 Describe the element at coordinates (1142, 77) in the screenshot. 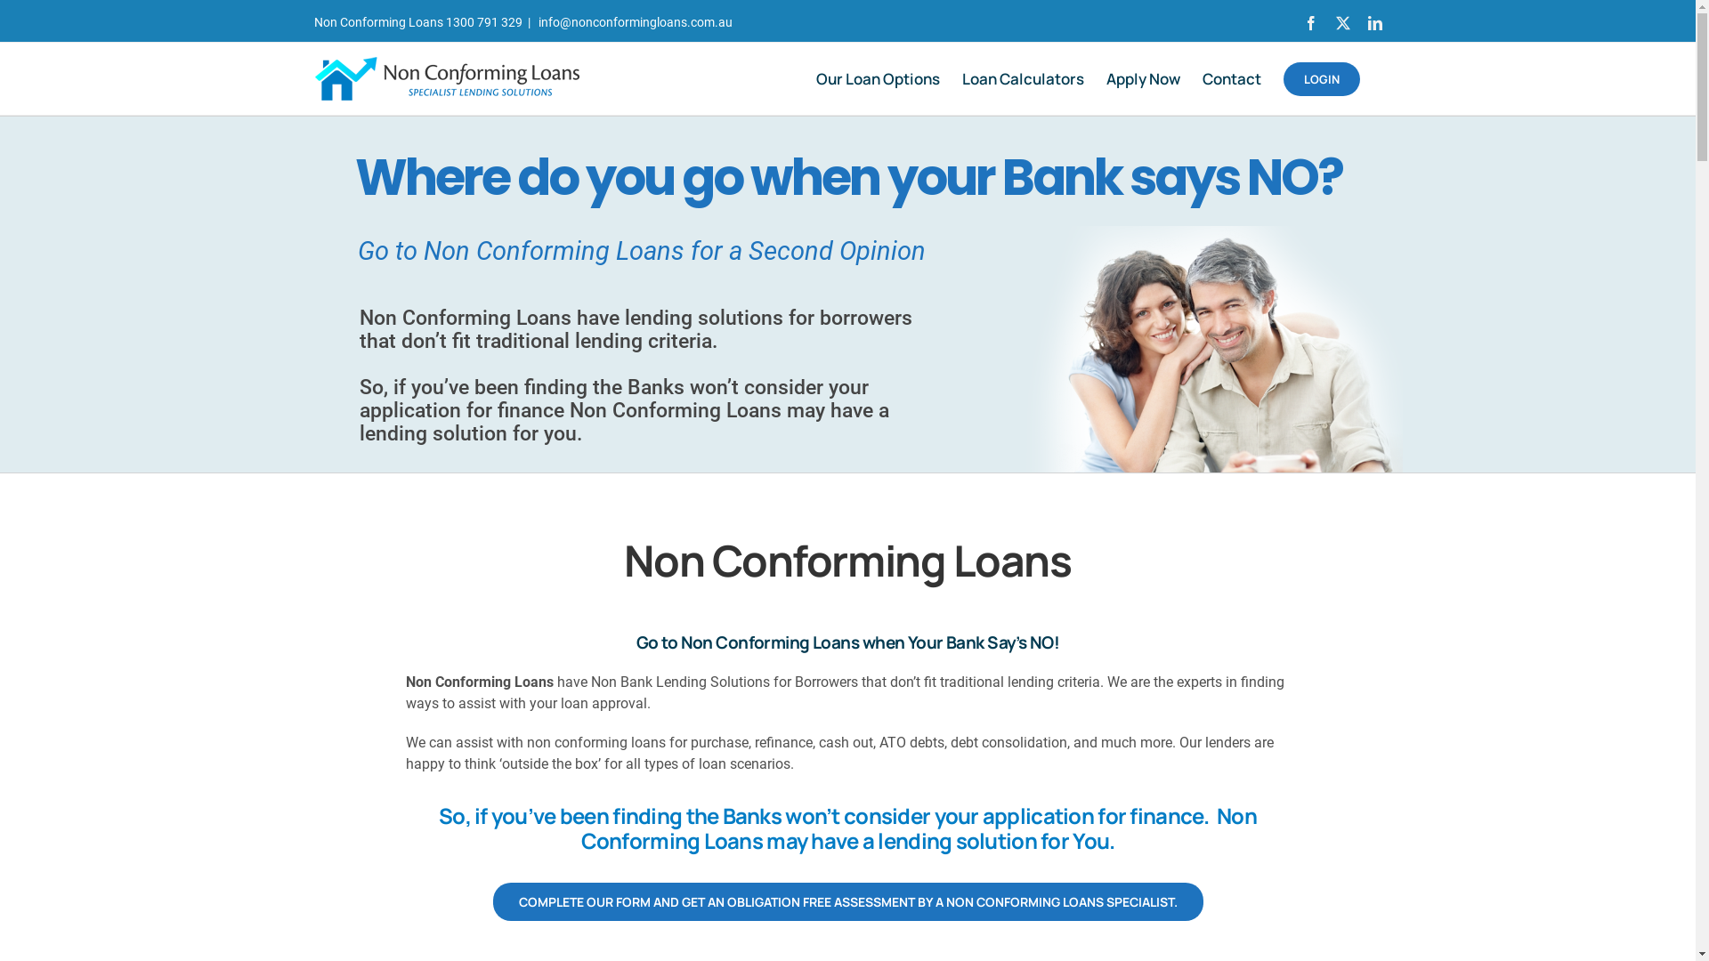

I see `'Apply Now'` at that location.